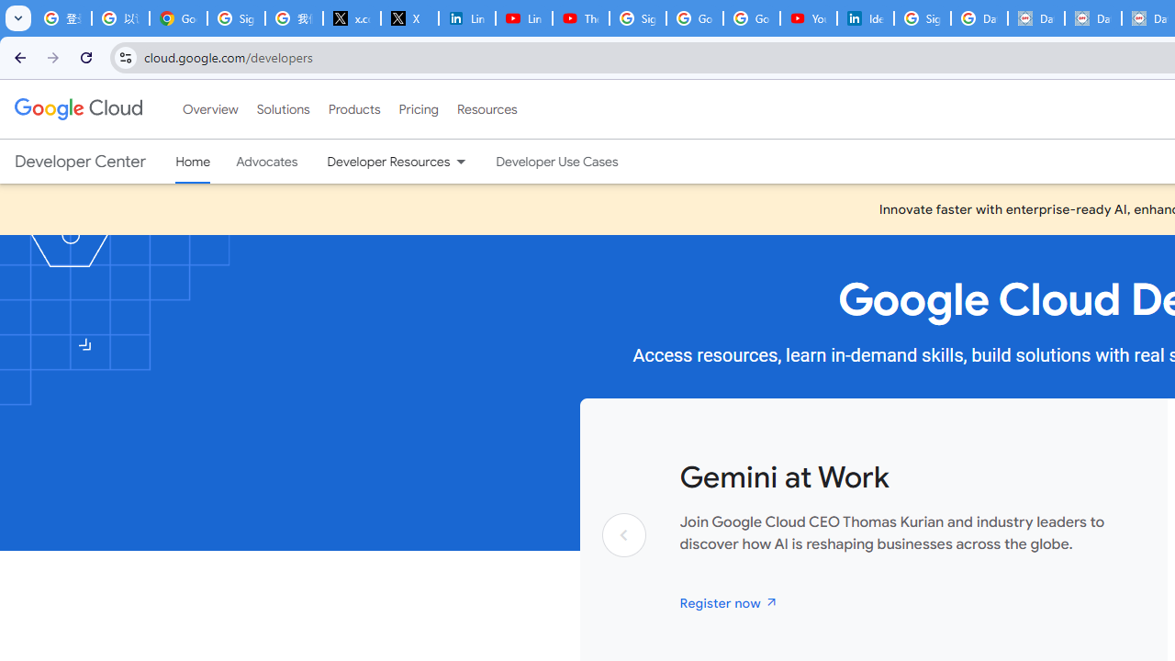 This screenshot has width=1175, height=661. I want to click on 'Solutions', so click(282, 109).